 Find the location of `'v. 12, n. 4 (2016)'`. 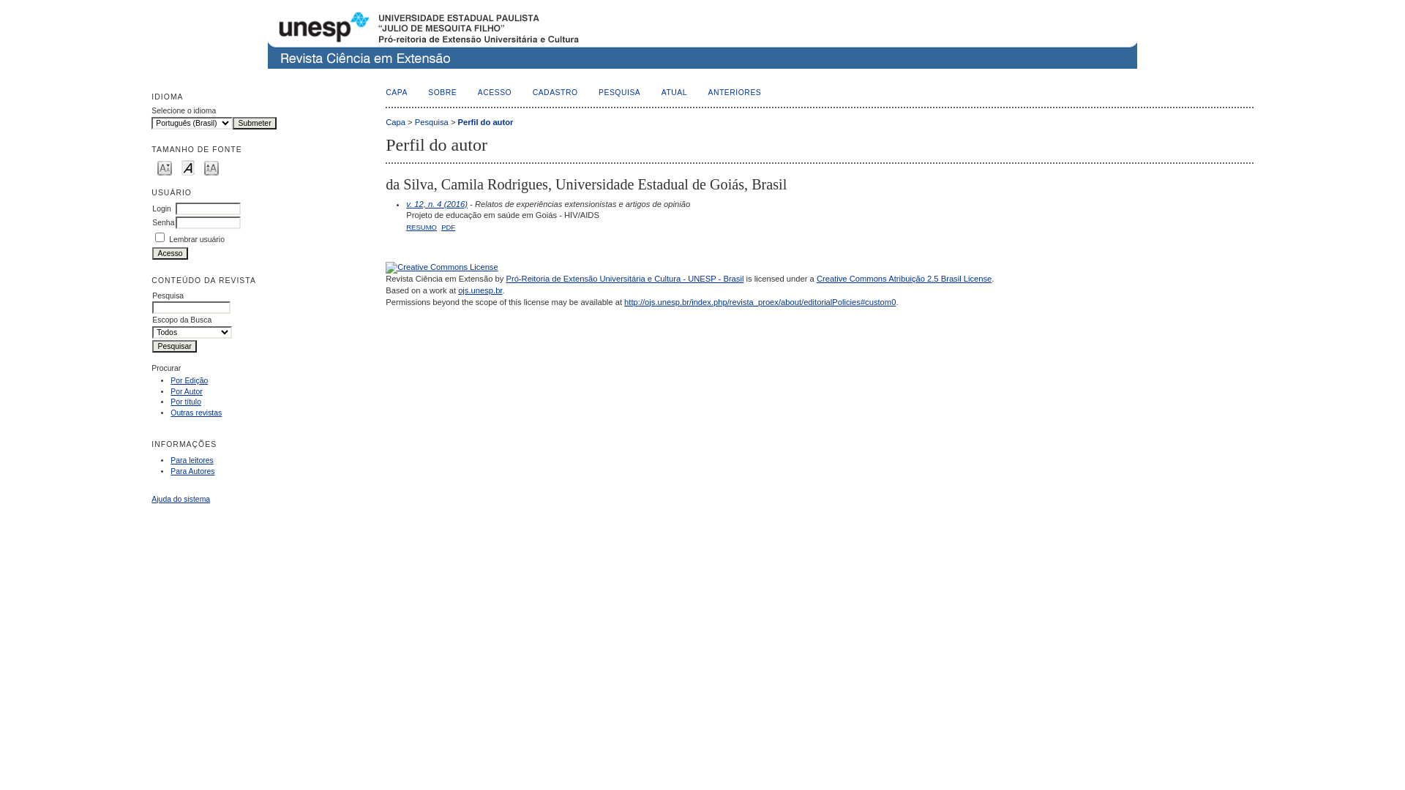

'v. 12, n. 4 (2016)' is located at coordinates (435, 203).